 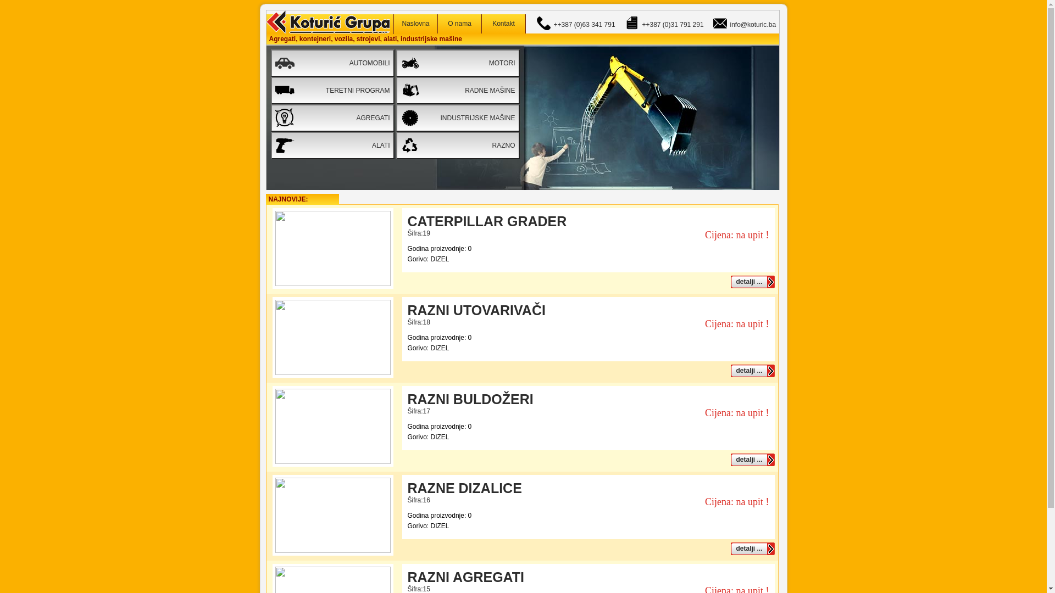 What do you see at coordinates (752, 460) in the screenshot?
I see `'detalji ...'` at bounding box center [752, 460].